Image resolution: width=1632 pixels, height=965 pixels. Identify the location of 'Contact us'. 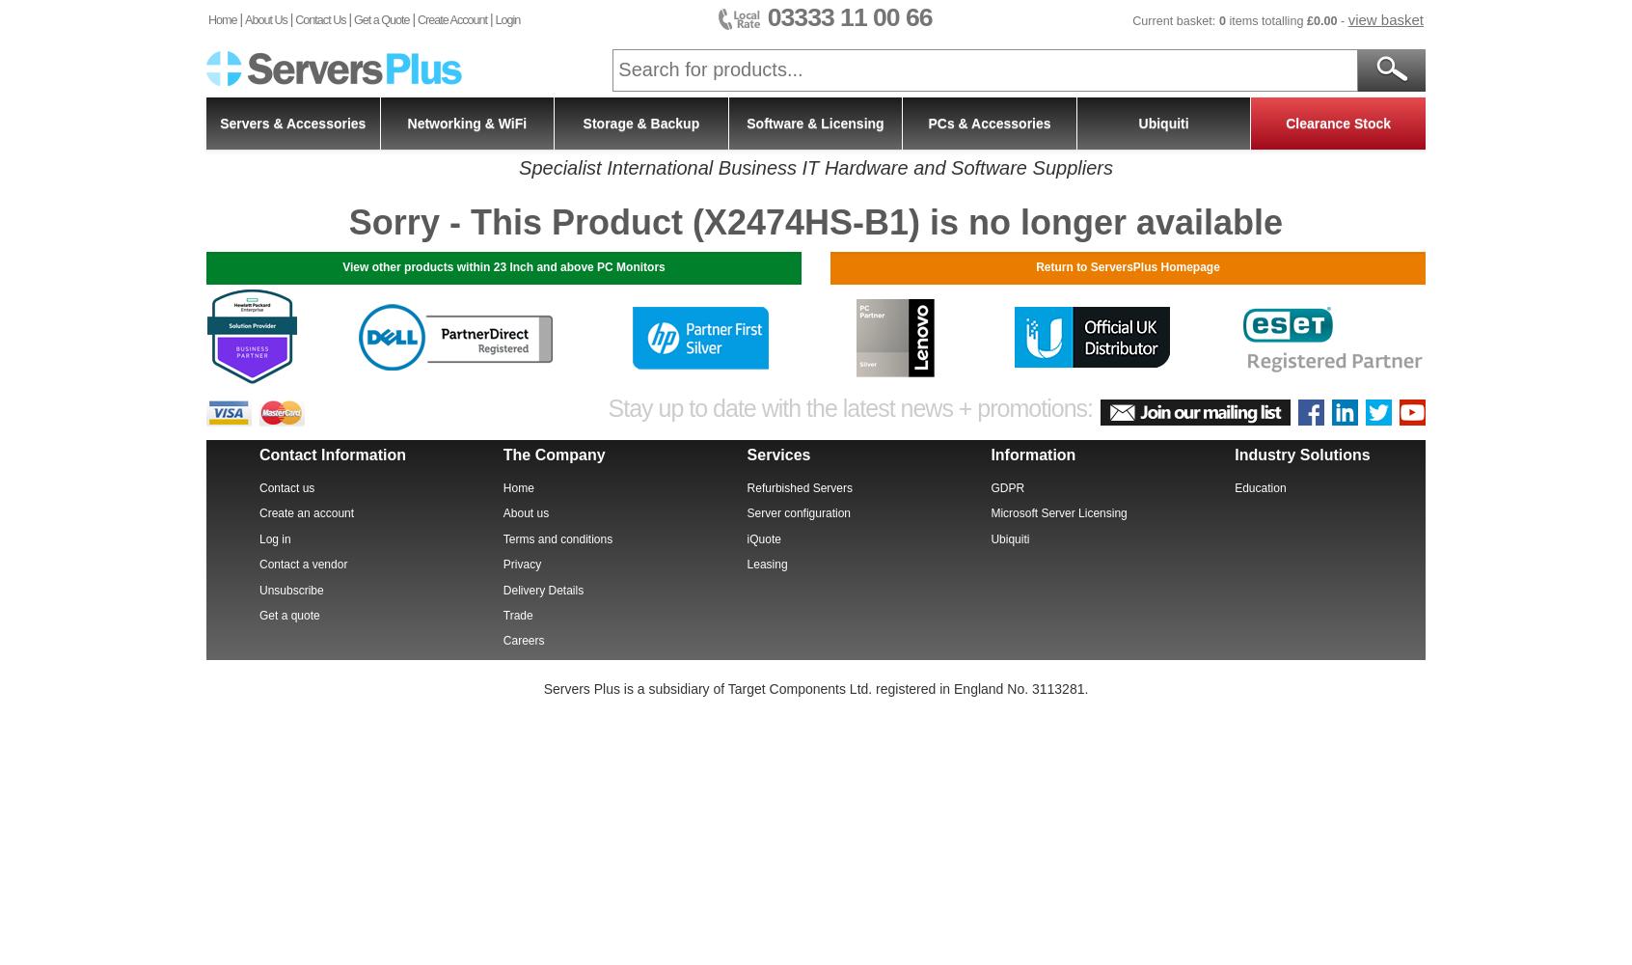
(286, 487).